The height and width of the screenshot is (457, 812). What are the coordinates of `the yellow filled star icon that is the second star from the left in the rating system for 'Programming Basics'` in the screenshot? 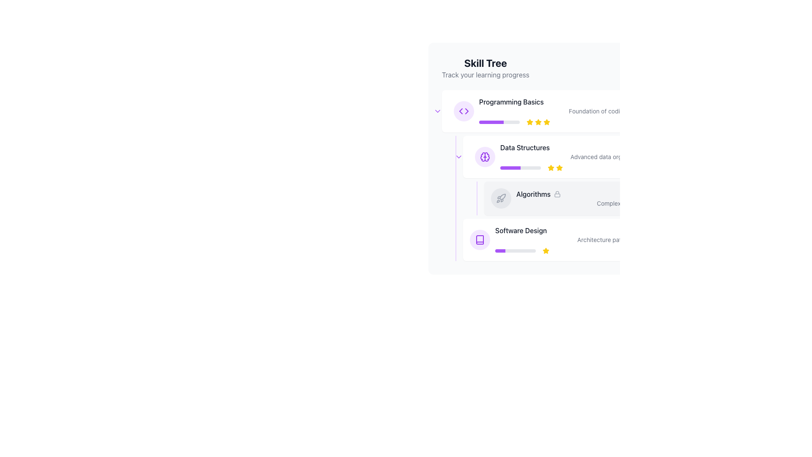 It's located at (538, 122).